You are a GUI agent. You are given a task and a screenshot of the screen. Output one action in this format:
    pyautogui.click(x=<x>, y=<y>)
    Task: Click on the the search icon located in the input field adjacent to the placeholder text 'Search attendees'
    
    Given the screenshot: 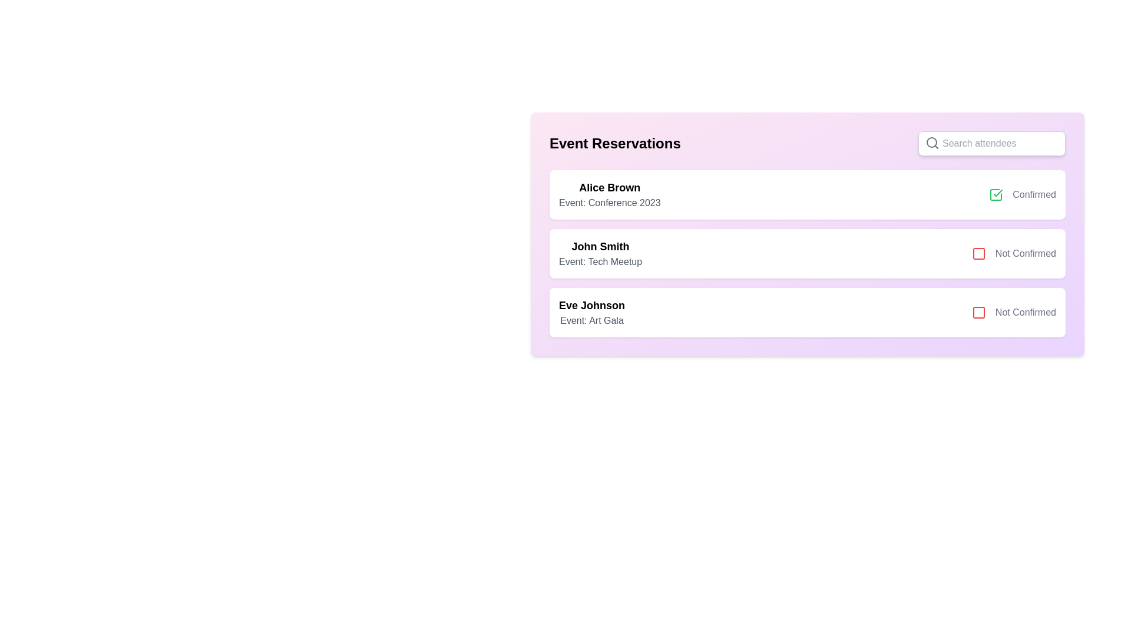 What is the action you would take?
    pyautogui.click(x=932, y=143)
    